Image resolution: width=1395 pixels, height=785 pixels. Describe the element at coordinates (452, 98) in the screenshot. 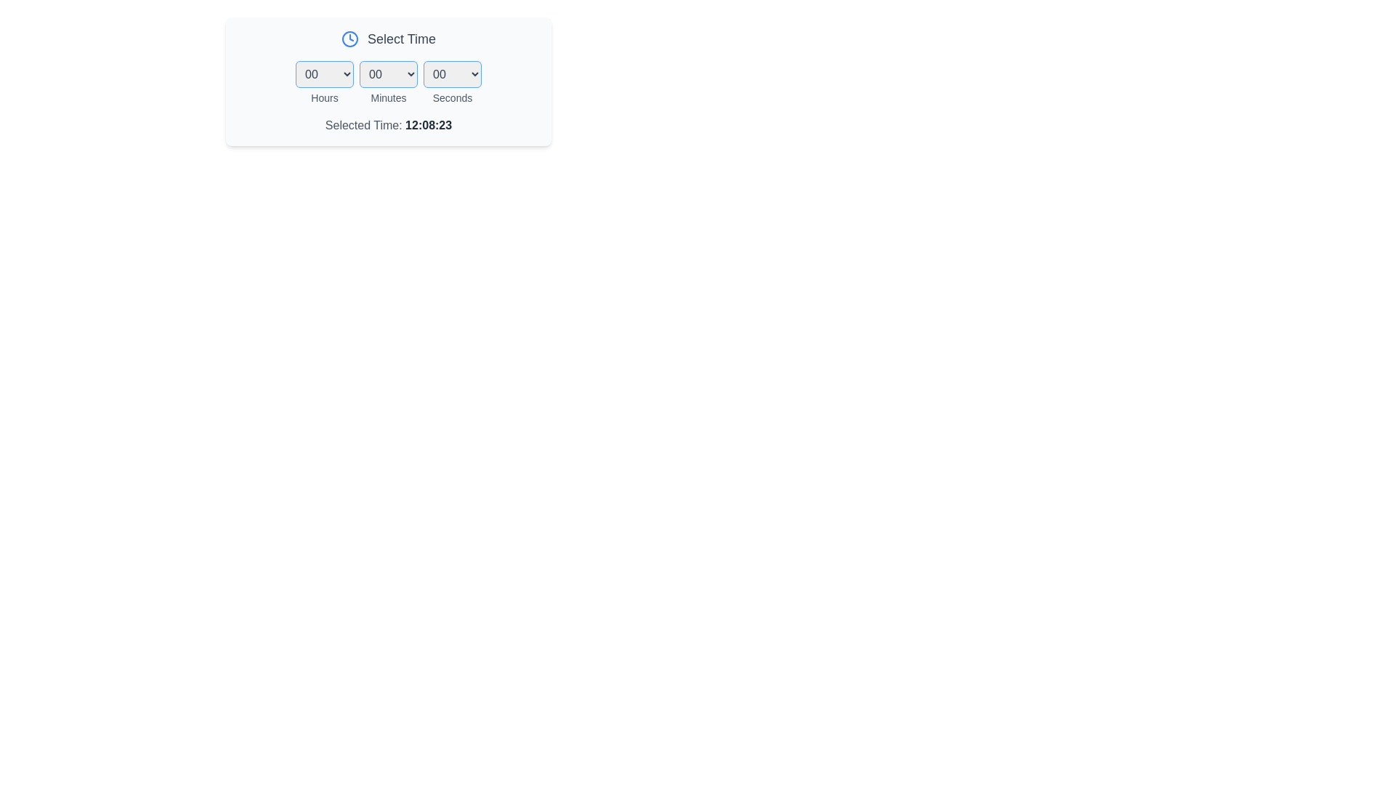

I see `the Text label that provides context to the seconds selector in the time selection widget, positioned below the seconds dropdown and aligning with 'Hours' and 'Minutes' labels` at that location.